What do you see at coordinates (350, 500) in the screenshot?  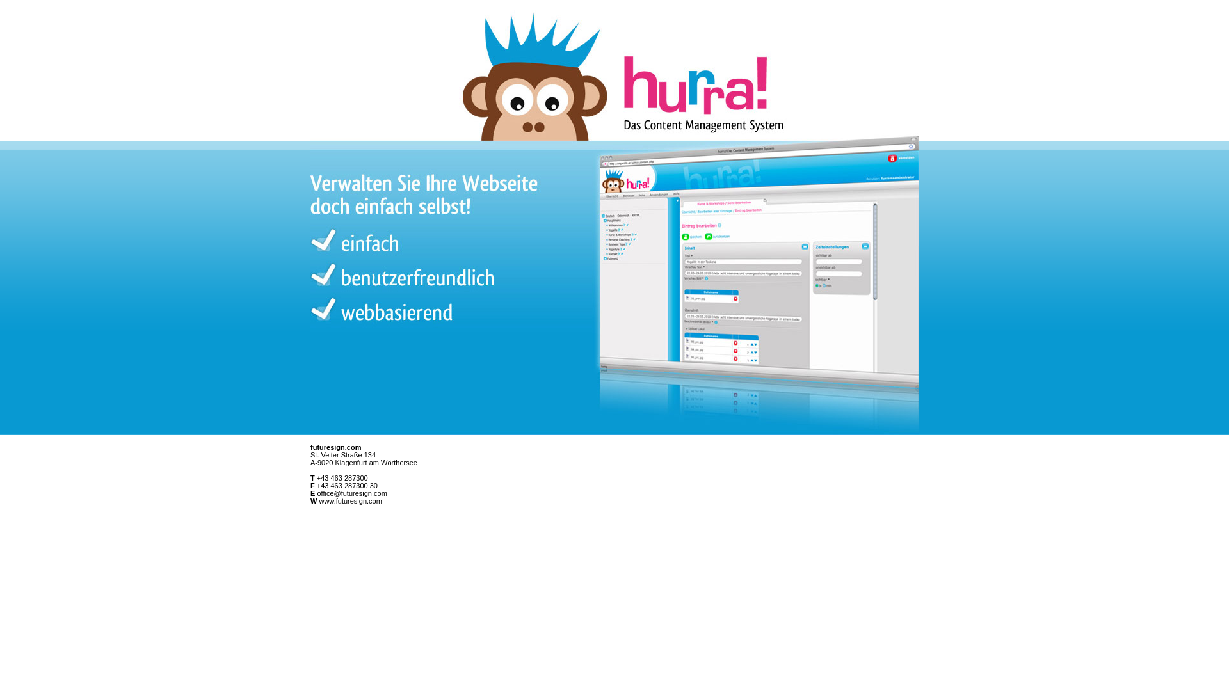 I see `'www.futuresign.com'` at bounding box center [350, 500].